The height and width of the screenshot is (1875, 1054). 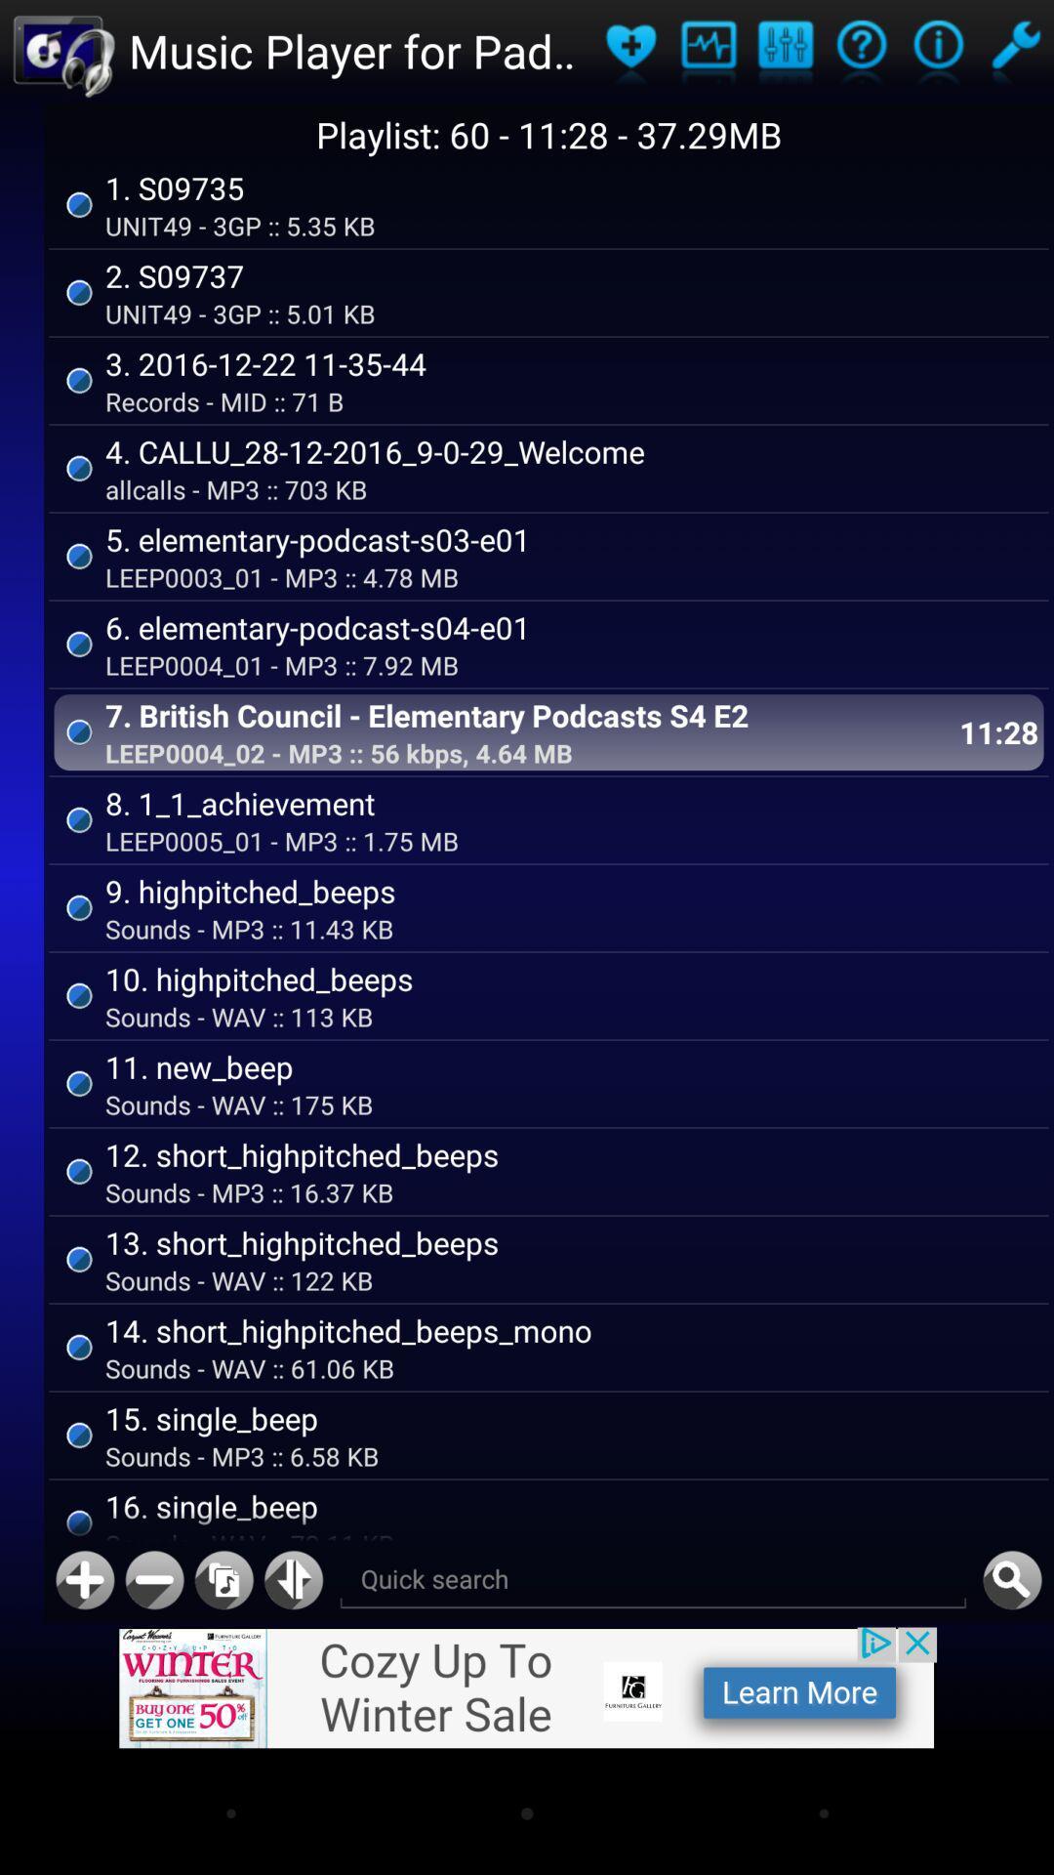 I want to click on music to documents, so click(x=223, y=1580).